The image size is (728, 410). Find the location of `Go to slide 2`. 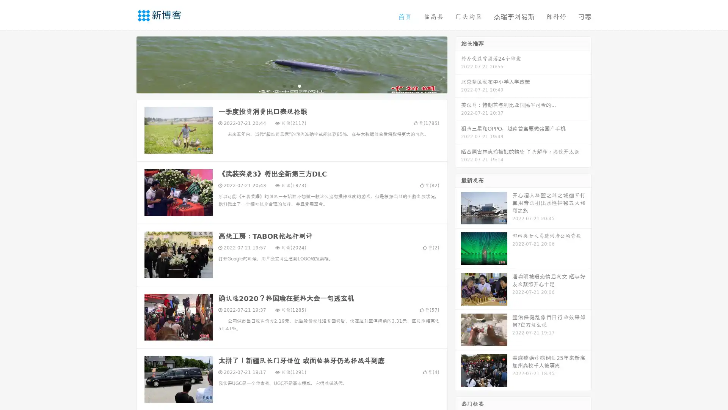

Go to slide 2 is located at coordinates (291, 85).